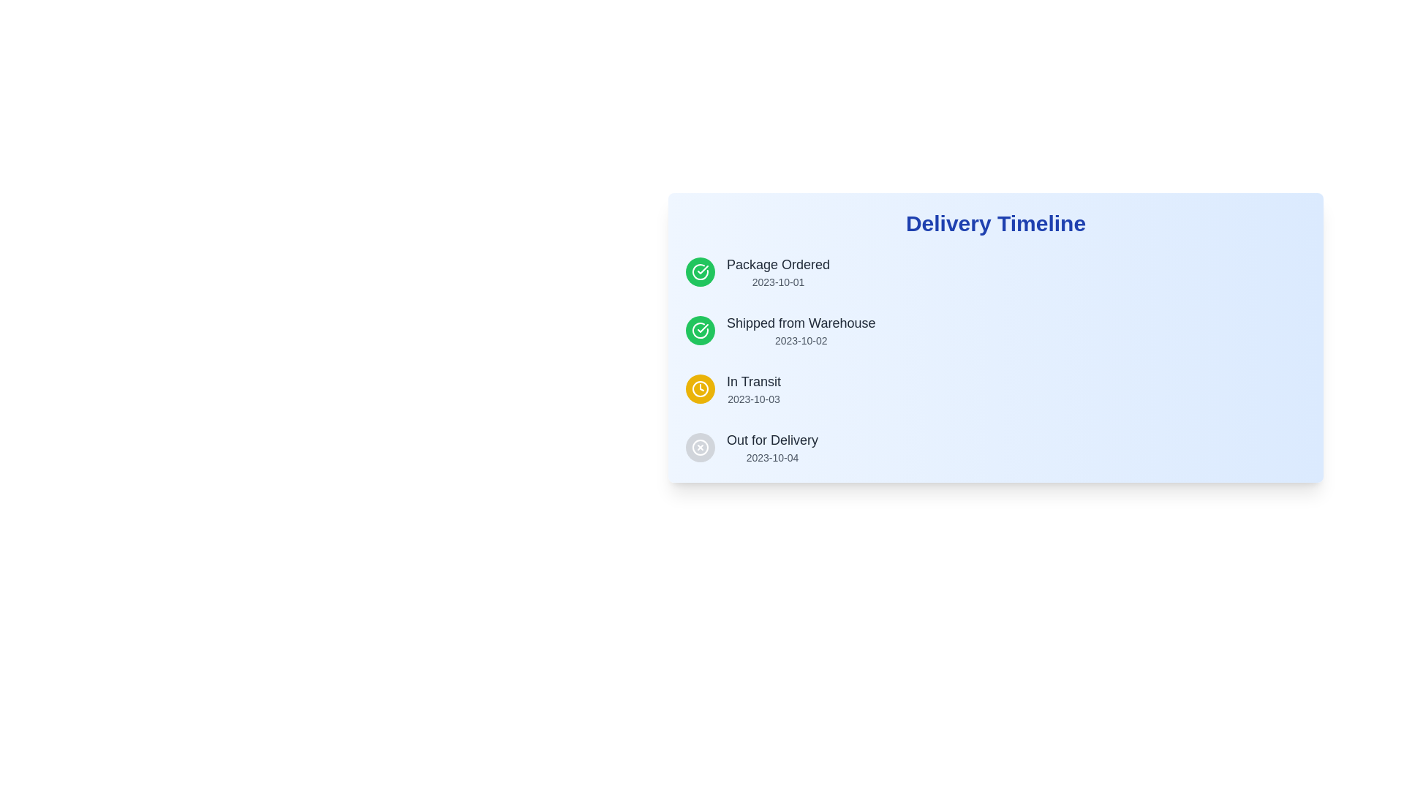 The width and height of the screenshot is (1404, 790). Describe the element at coordinates (777, 265) in the screenshot. I see `the 'Package Ordered' text label in the Delivery Timeline section, which is styled in bold dark gray font and is the first item in the list, located below a green checkmark icon` at that location.